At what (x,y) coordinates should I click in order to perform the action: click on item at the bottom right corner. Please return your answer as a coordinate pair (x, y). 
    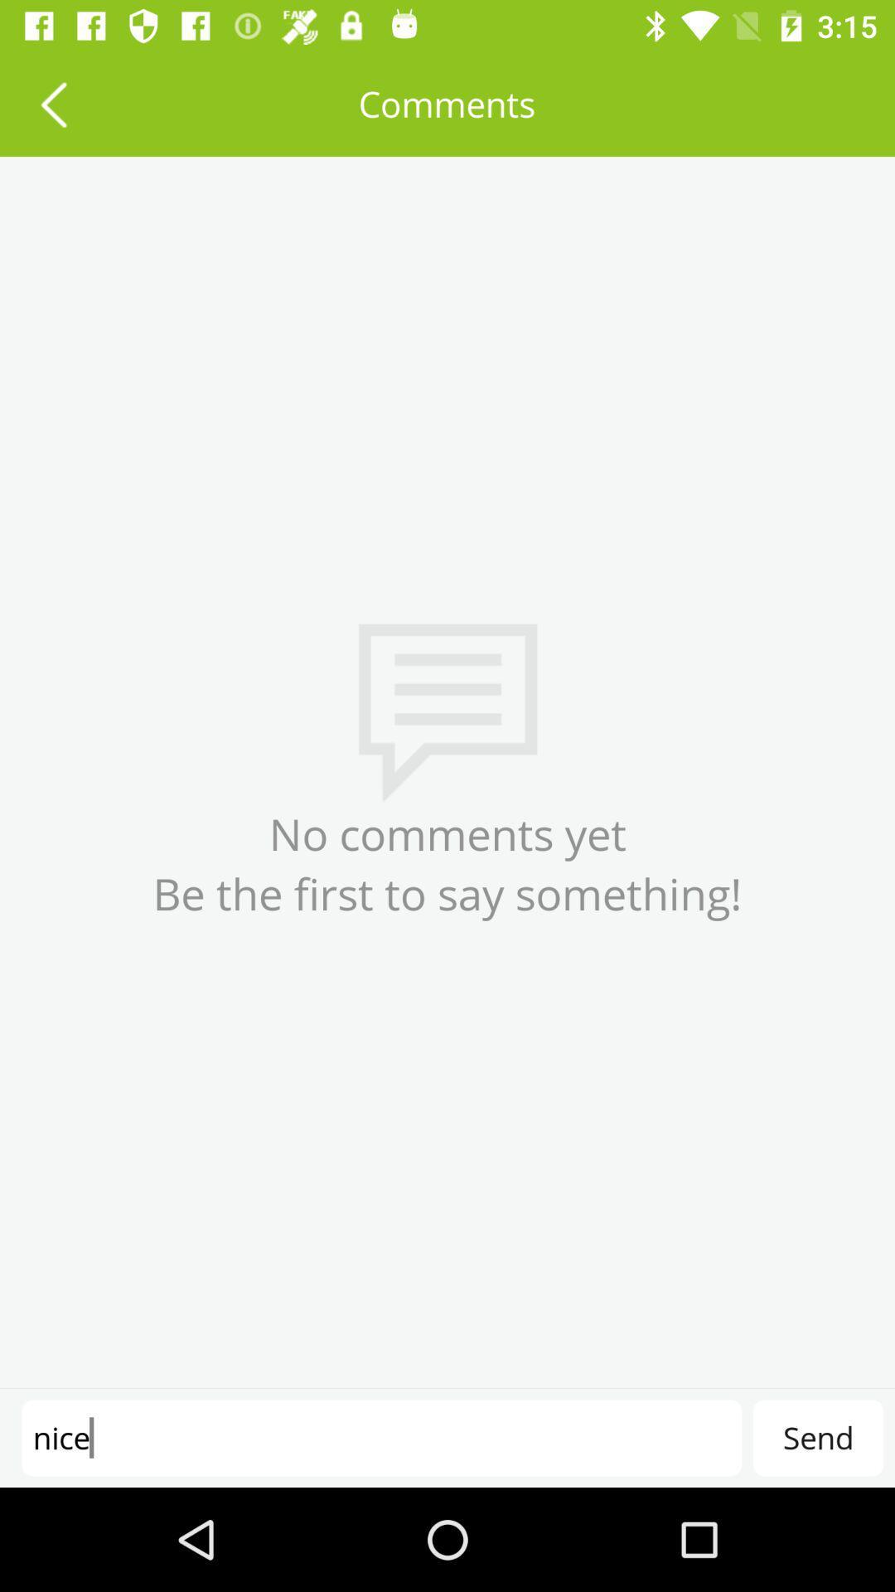
    Looking at the image, I should click on (817, 1437).